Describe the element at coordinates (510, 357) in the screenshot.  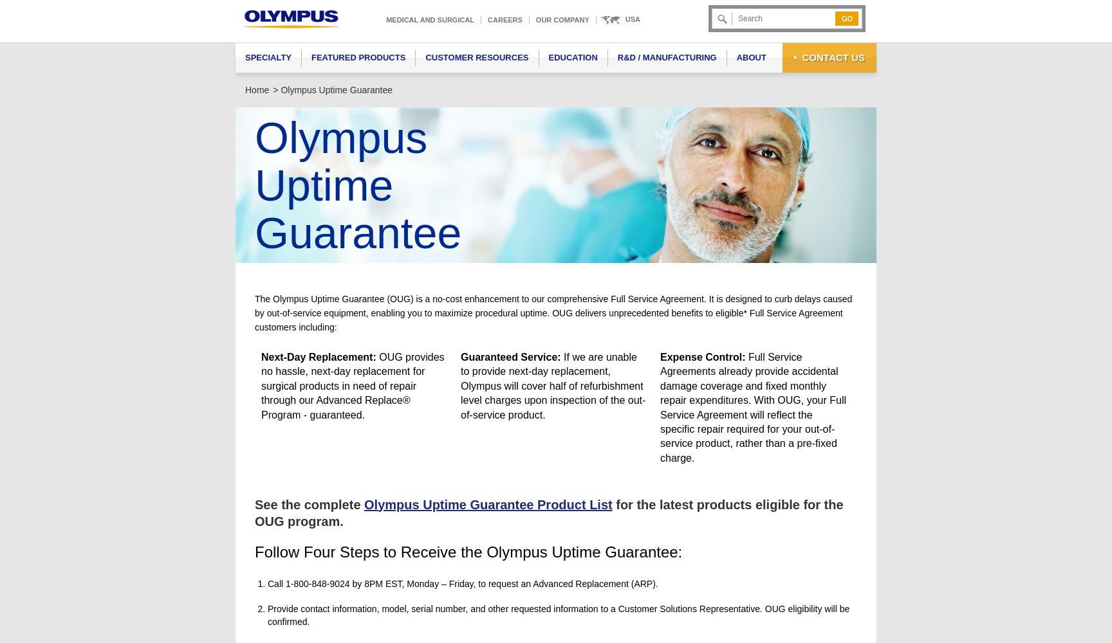
I see `'Guaranteed Service:'` at that location.